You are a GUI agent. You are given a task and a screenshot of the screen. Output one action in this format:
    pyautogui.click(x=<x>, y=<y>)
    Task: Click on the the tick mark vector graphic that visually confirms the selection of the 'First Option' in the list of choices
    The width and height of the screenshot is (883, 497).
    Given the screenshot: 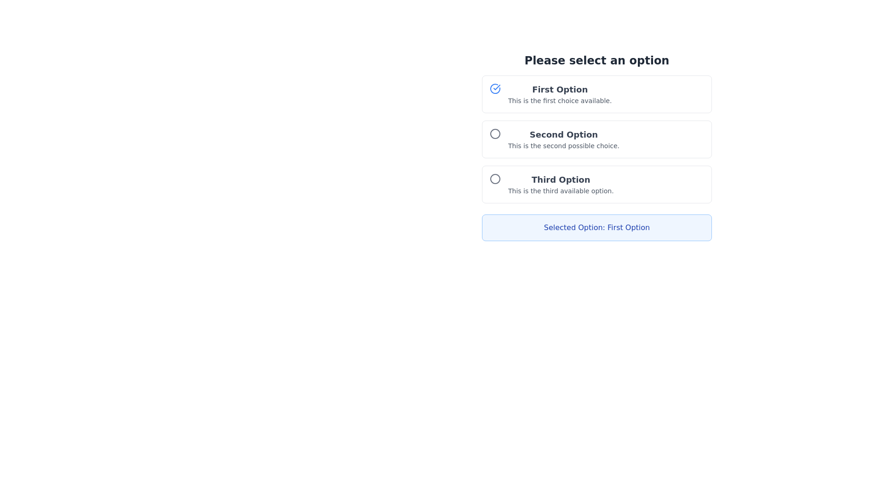 What is the action you would take?
    pyautogui.click(x=496, y=87)
    